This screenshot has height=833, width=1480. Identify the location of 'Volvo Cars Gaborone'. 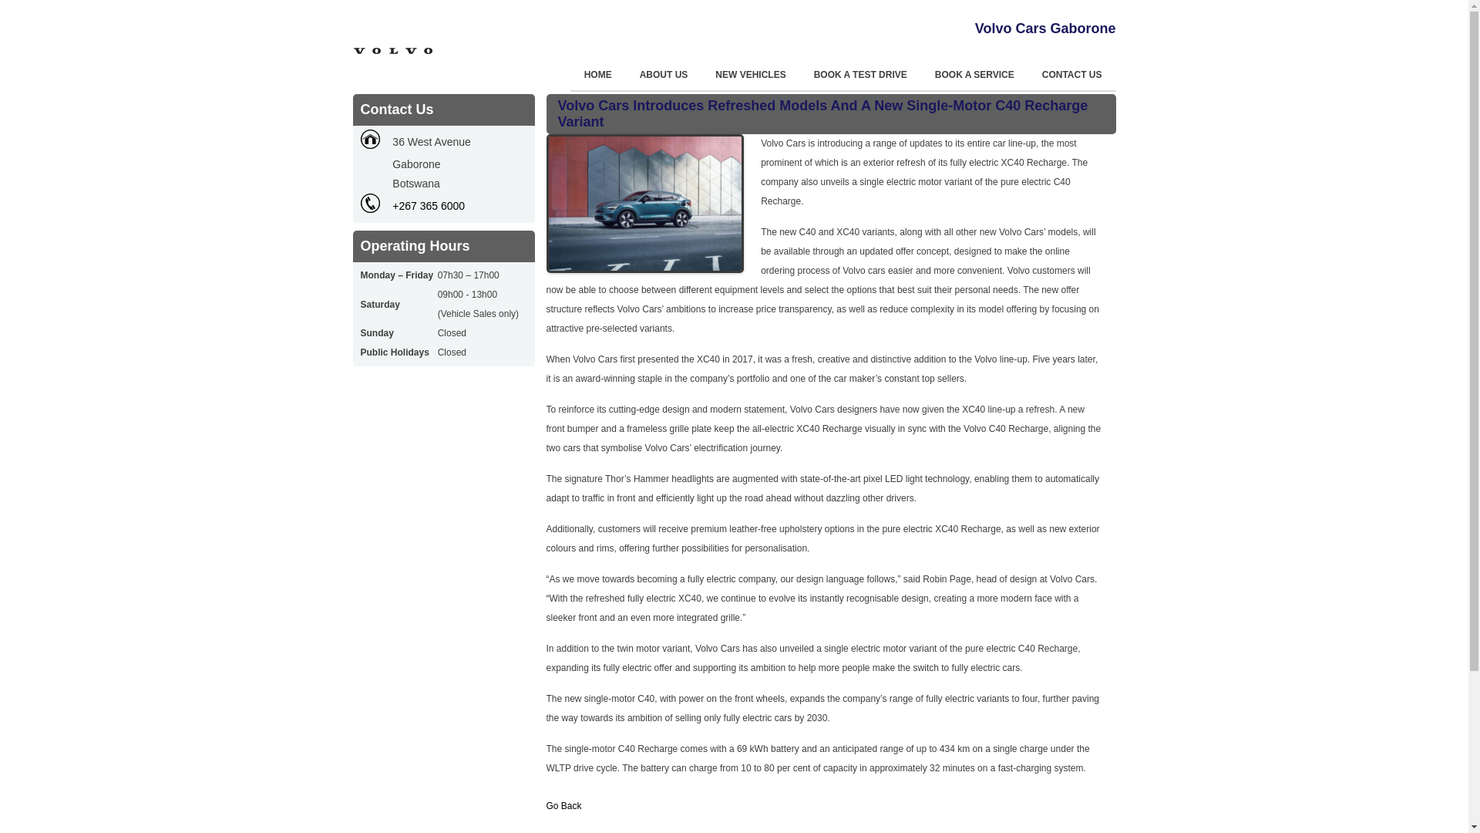
(974, 29).